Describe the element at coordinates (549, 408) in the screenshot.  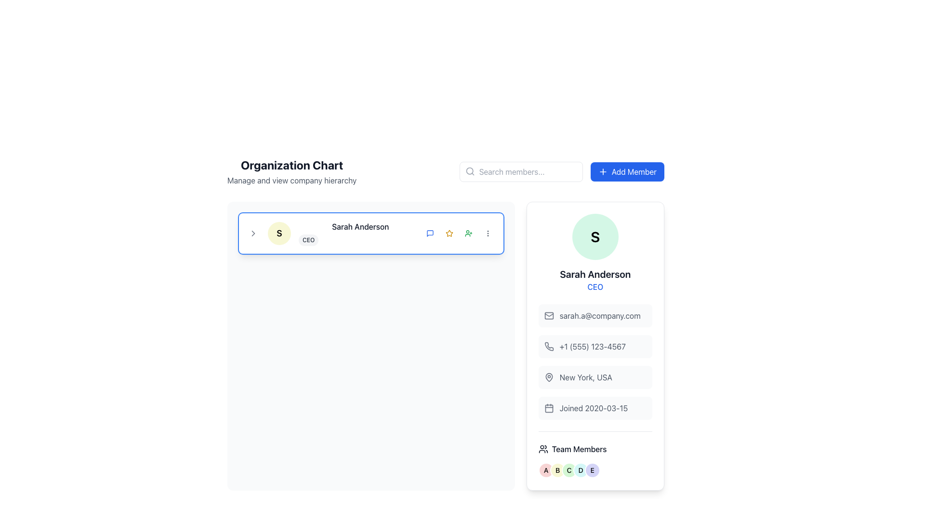
I see `the decorative graphical component within the calendar icon associated with 'Joined 2020-03-15'` at that location.